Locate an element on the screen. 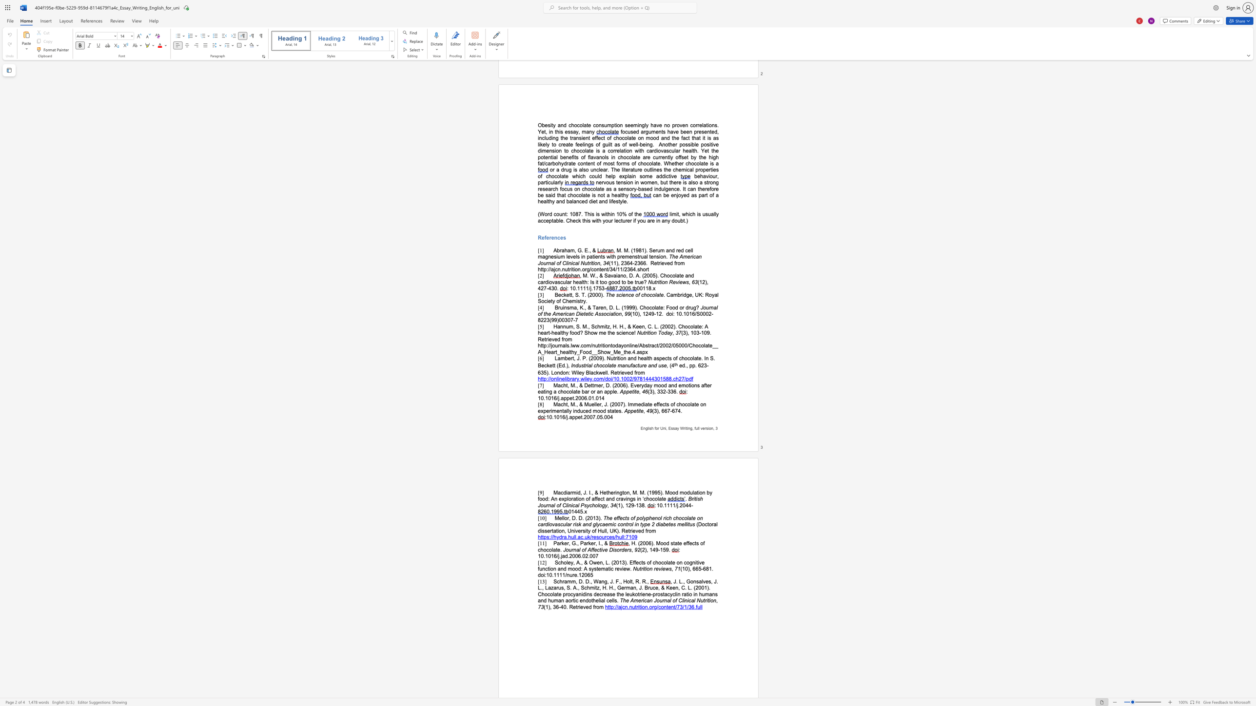 This screenshot has height=706, width=1256. the subset text "rev" within the text "Nutrition reviews" is located at coordinates (653, 569).